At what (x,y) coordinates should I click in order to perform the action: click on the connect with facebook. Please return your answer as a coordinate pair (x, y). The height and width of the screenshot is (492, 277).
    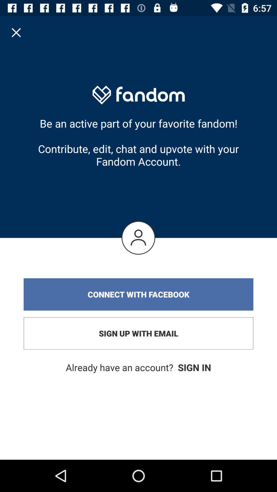
    Looking at the image, I should click on (138, 294).